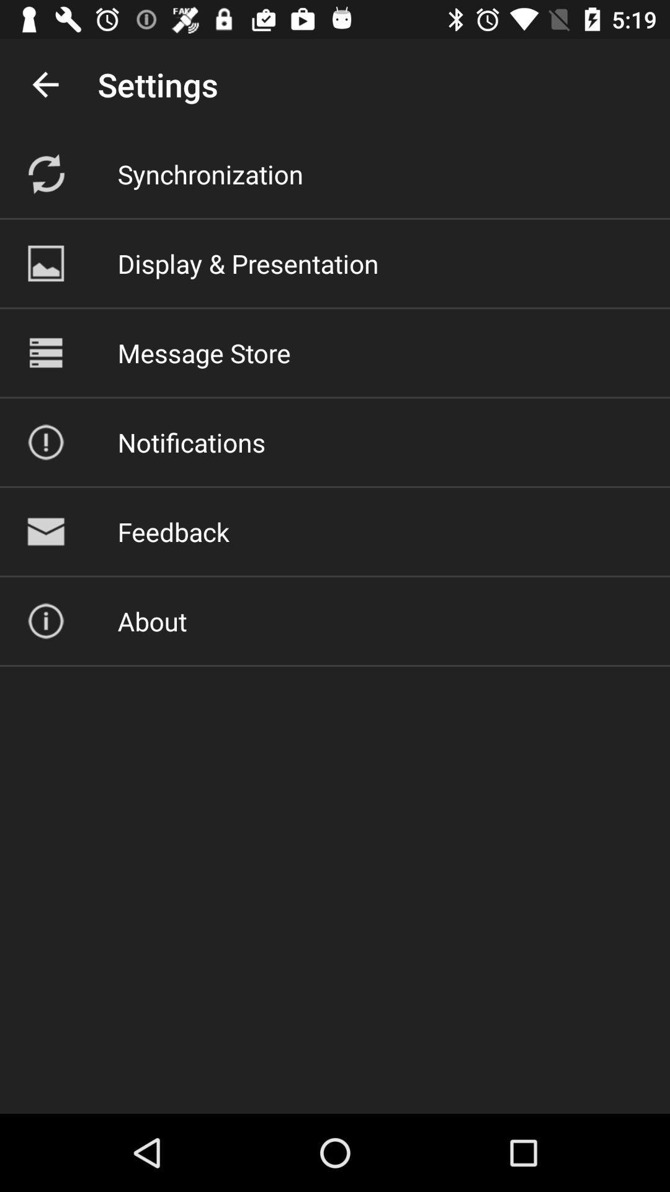 The image size is (670, 1192). I want to click on item below the notifications item, so click(173, 531).